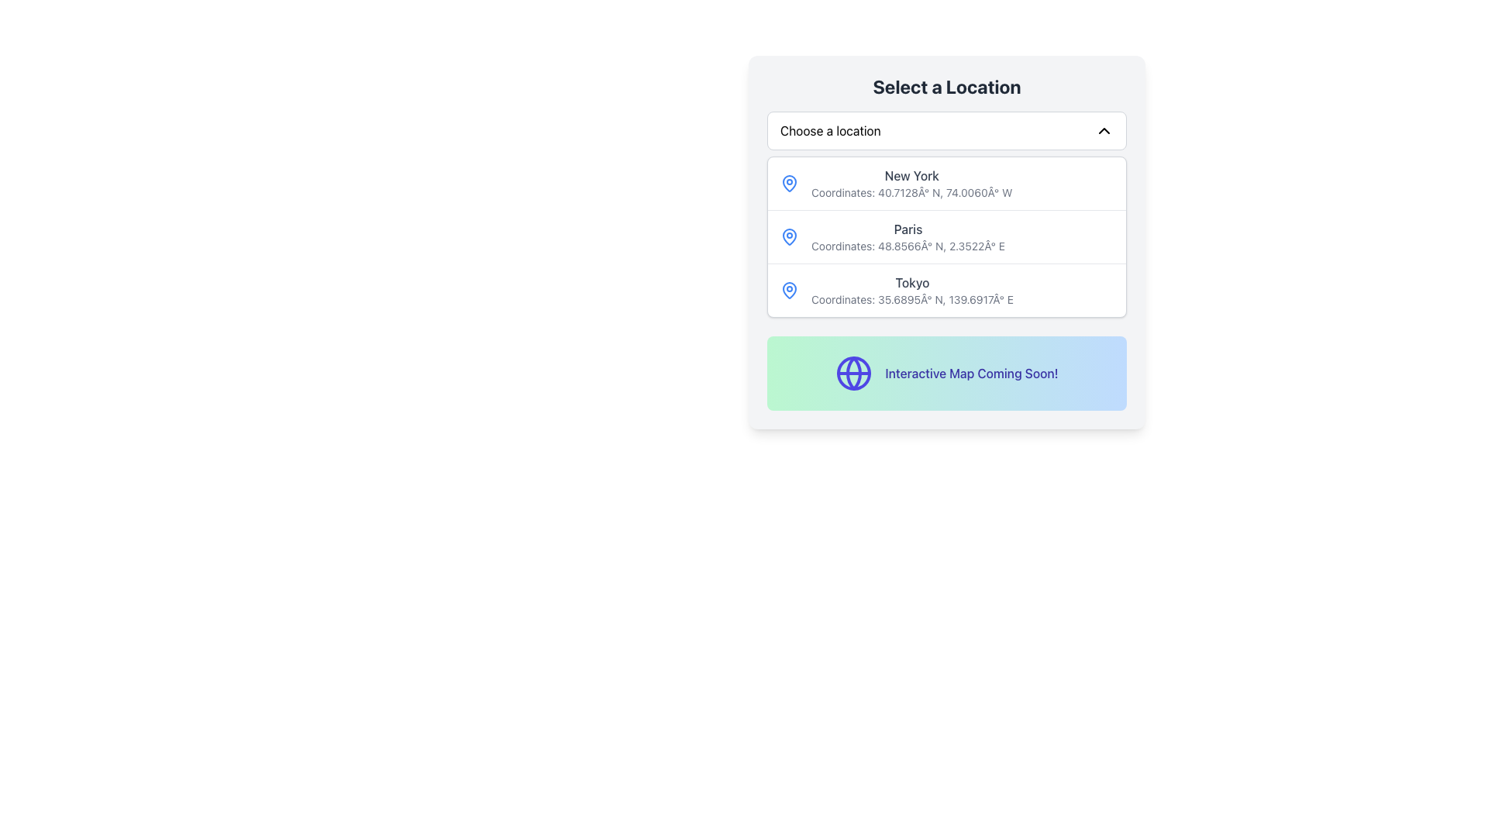  What do you see at coordinates (911, 182) in the screenshot?
I see `the first list item in the 'Select a Location' panel` at bounding box center [911, 182].